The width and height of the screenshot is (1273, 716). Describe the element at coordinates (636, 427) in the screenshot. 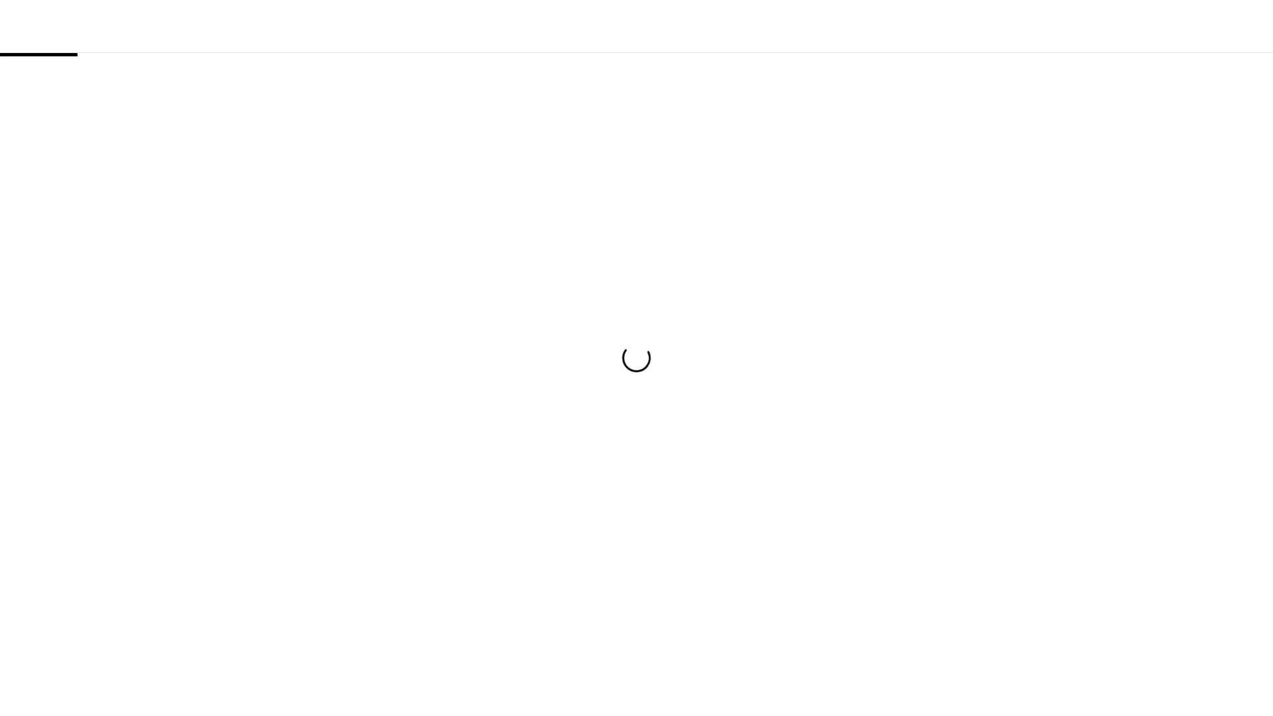

I see `ORDER NOW` at that location.